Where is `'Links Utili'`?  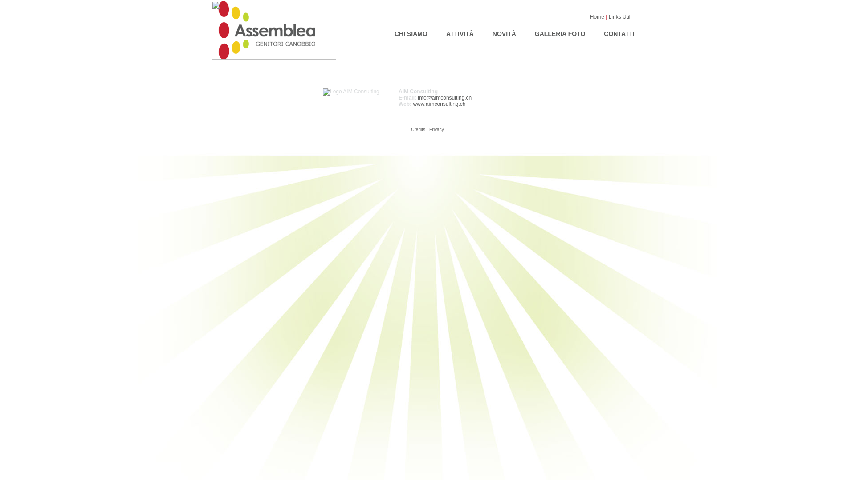 'Links Utili' is located at coordinates (619, 17).